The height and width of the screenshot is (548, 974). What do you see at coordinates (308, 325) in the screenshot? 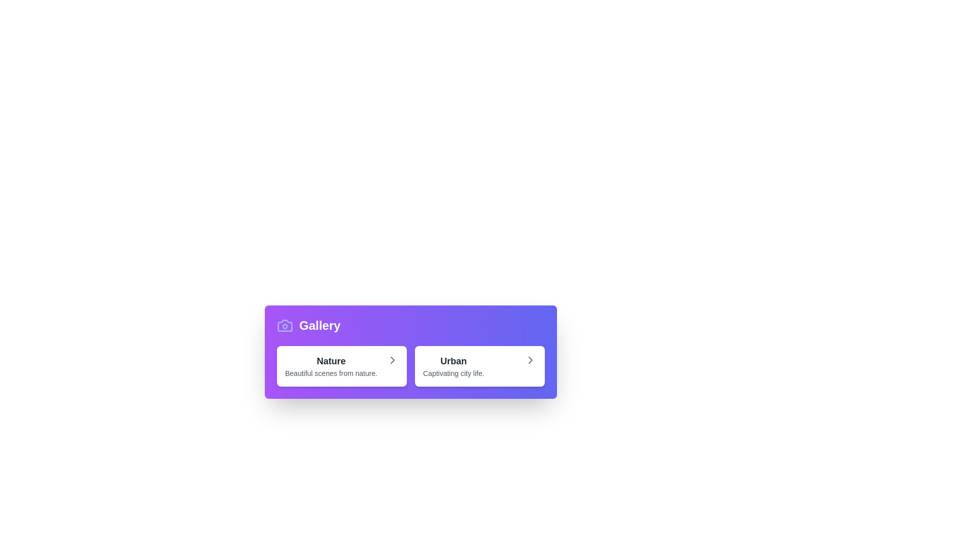
I see `label 'Gallery' from the text with an icon of a camera, which is the leftmost element in a horizontal layout on a purple background` at bounding box center [308, 325].